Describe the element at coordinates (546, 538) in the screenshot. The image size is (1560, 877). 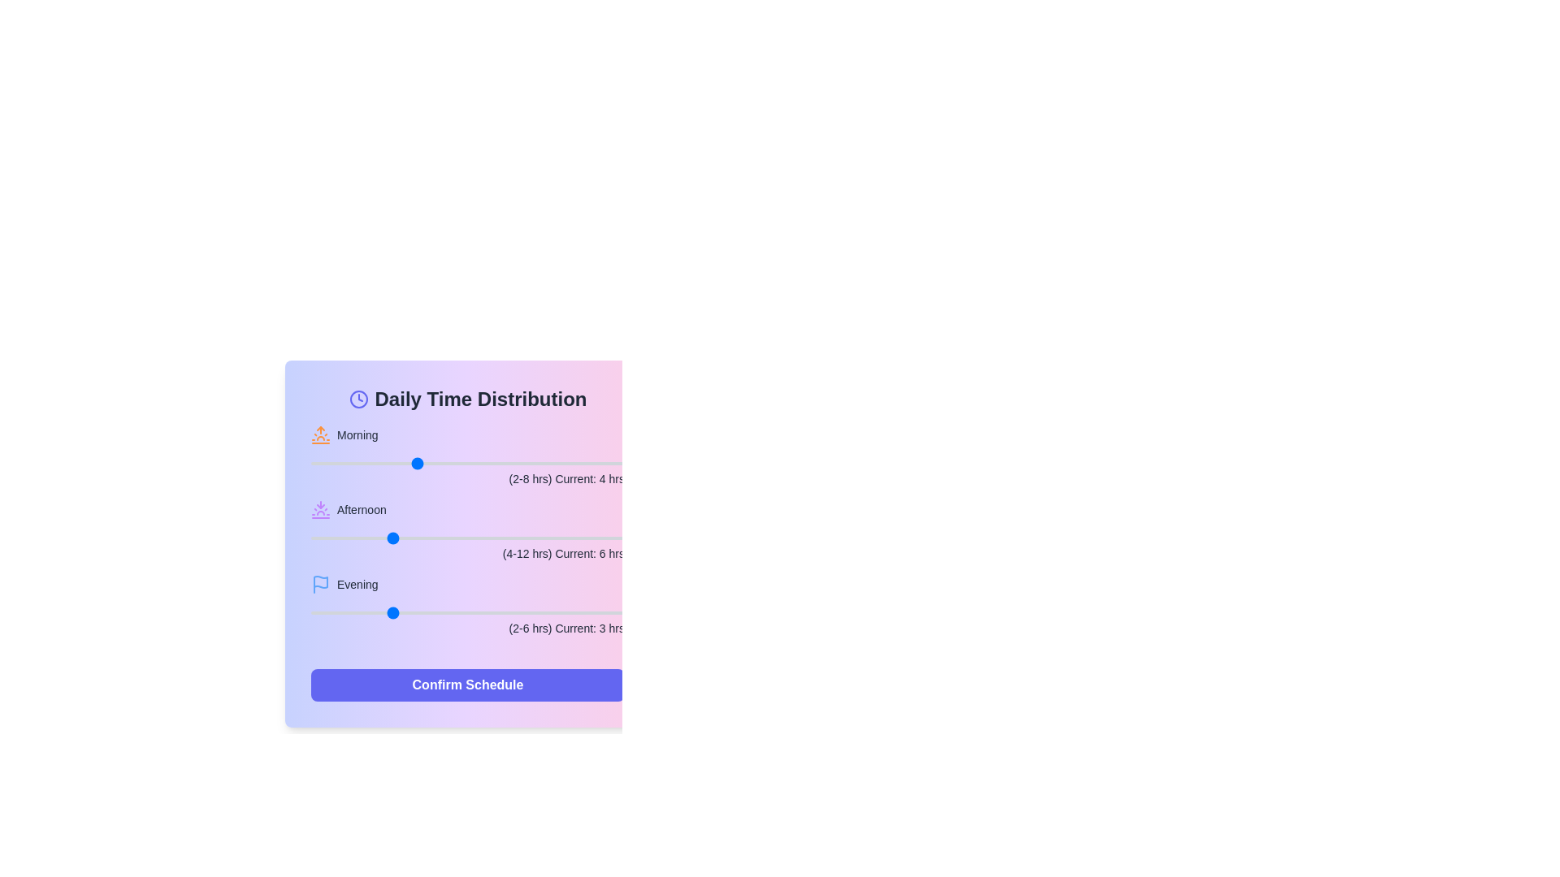
I see `afternoon duration` at that location.